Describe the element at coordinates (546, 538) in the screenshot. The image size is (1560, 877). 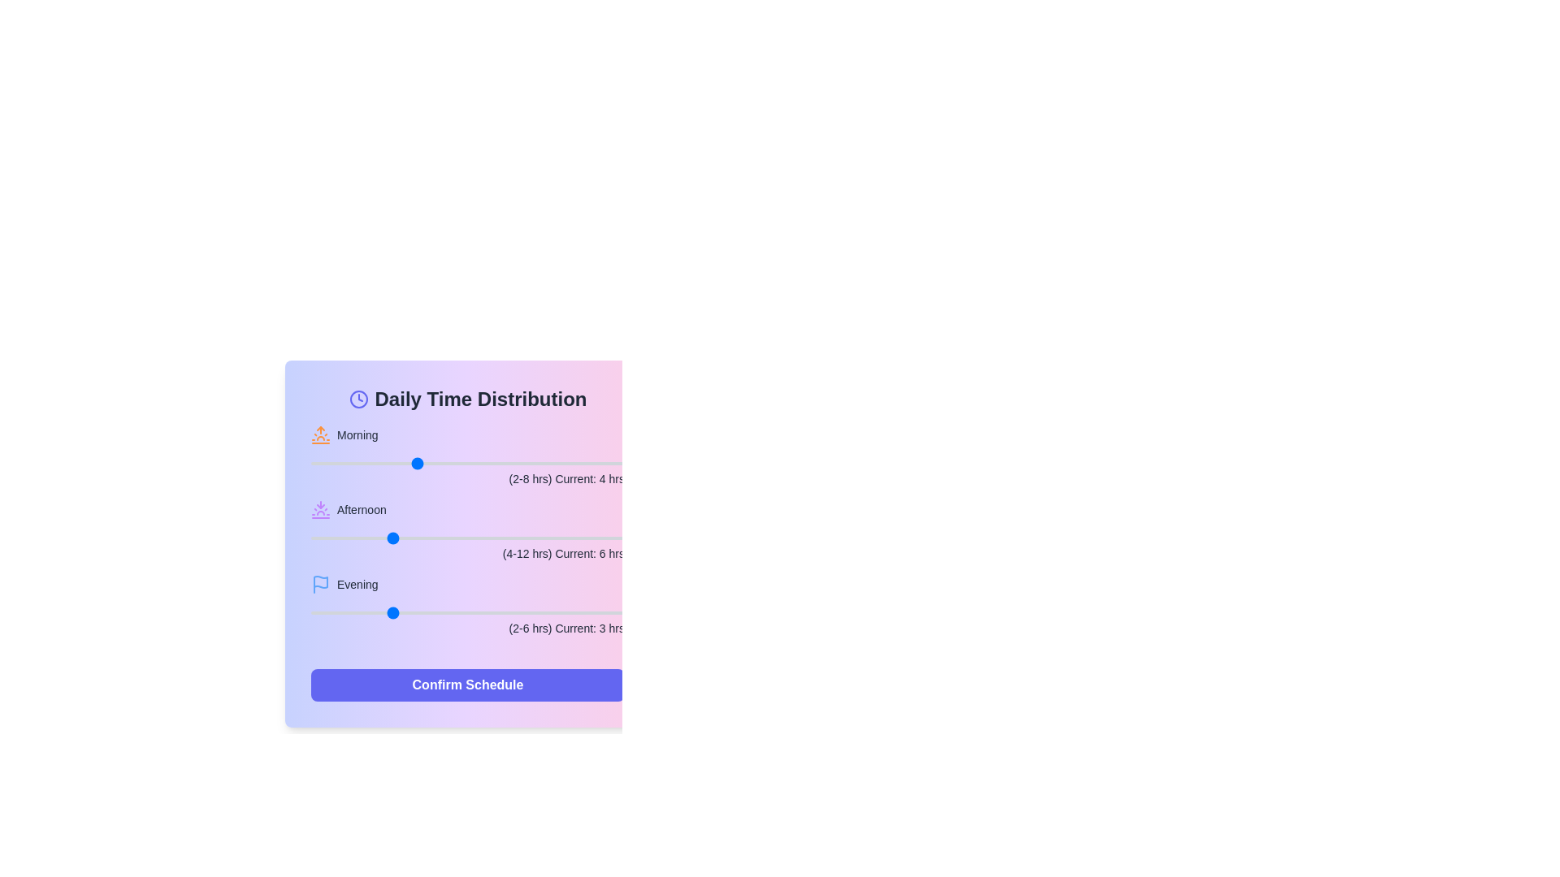
I see `afternoon duration` at that location.